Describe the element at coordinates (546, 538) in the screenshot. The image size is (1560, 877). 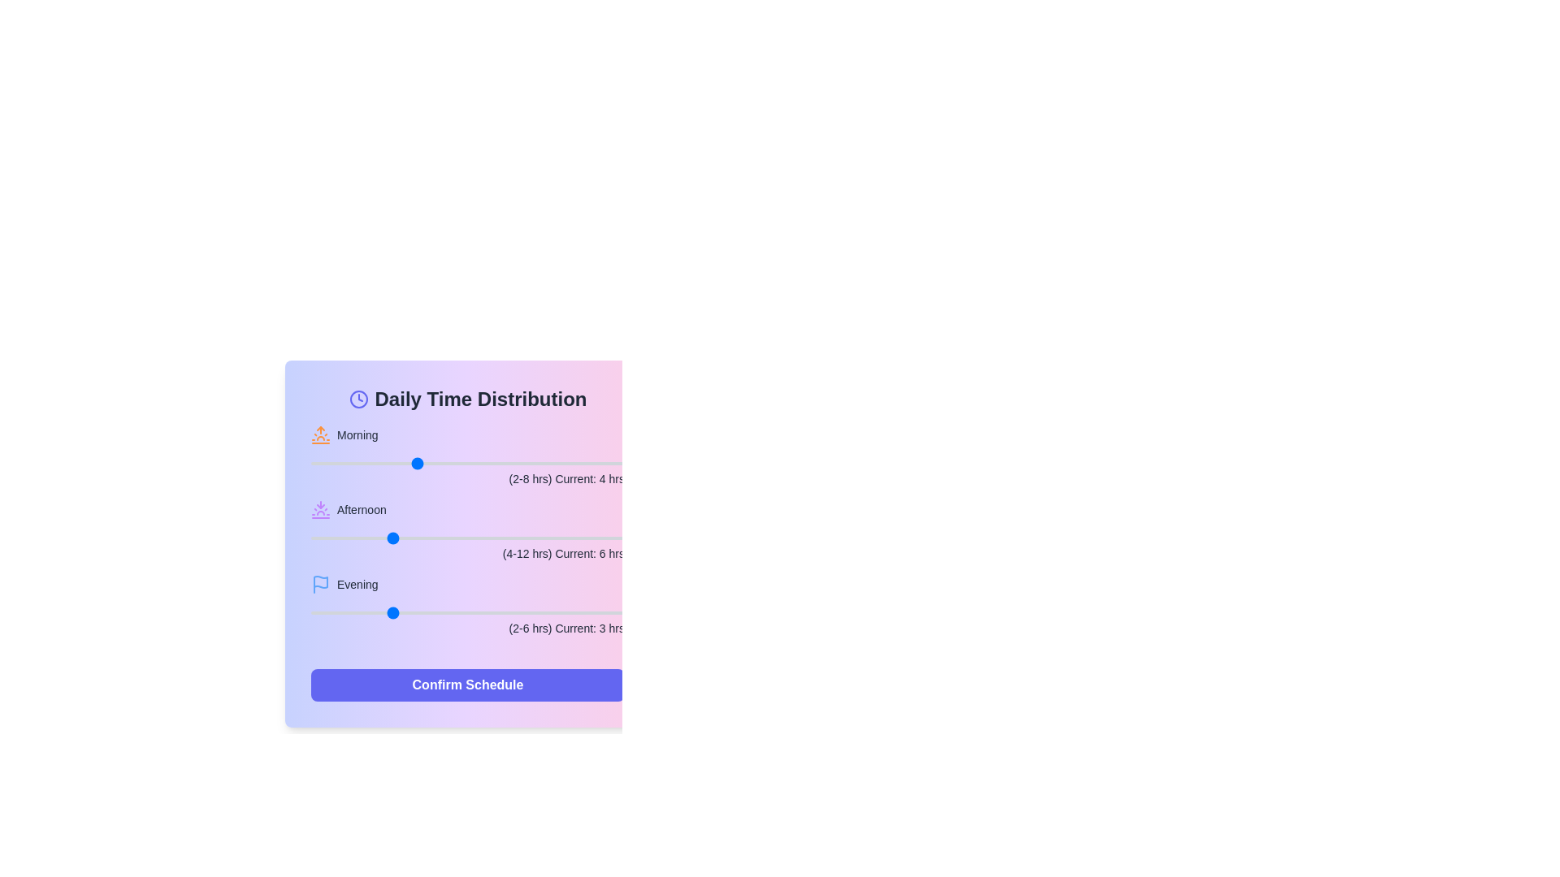
I see `afternoon duration` at that location.